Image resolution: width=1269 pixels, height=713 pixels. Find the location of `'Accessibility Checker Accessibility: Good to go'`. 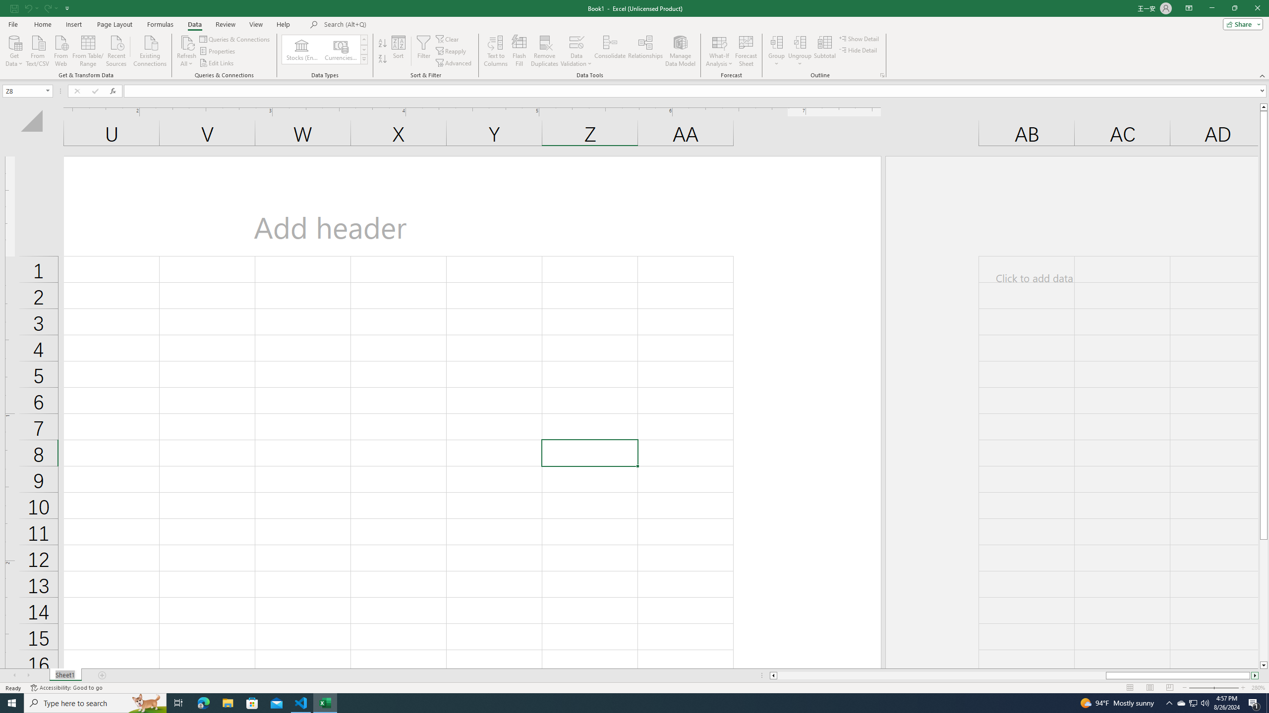

'Accessibility Checker Accessibility: Good to go' is located at coordinates (66, 688).